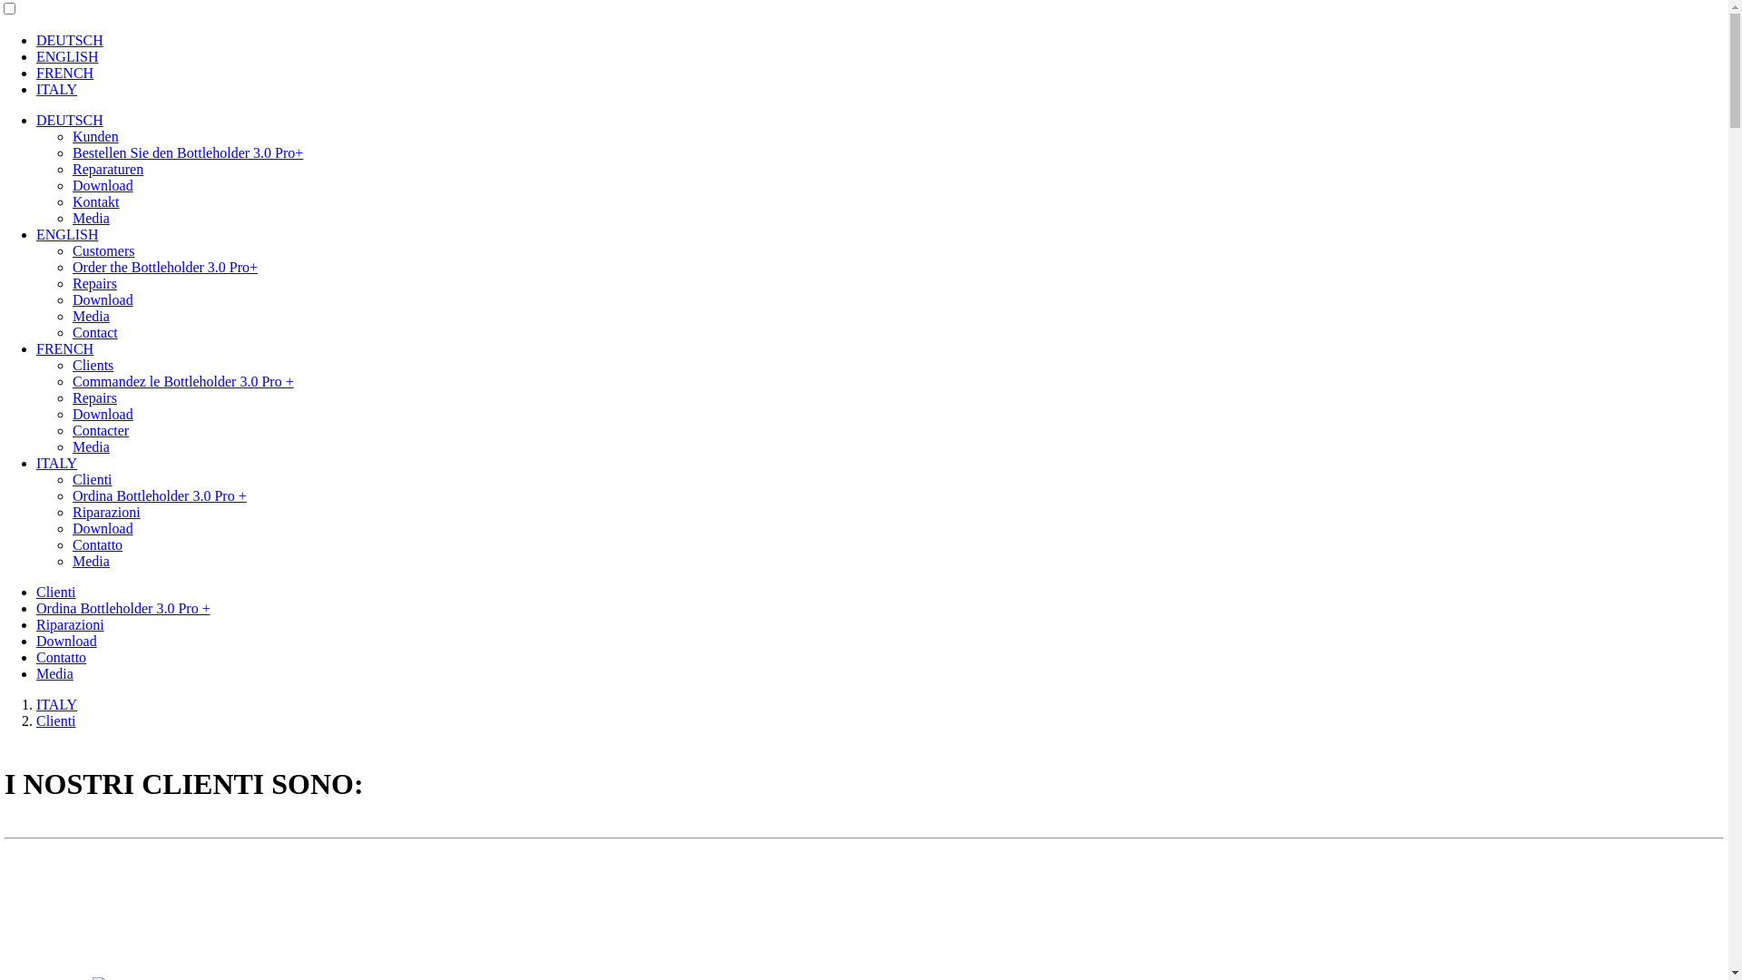  What do you see at coordinates (102, 185) in the screenshot?
I see `'Download'` at bounding box center [102, 185].